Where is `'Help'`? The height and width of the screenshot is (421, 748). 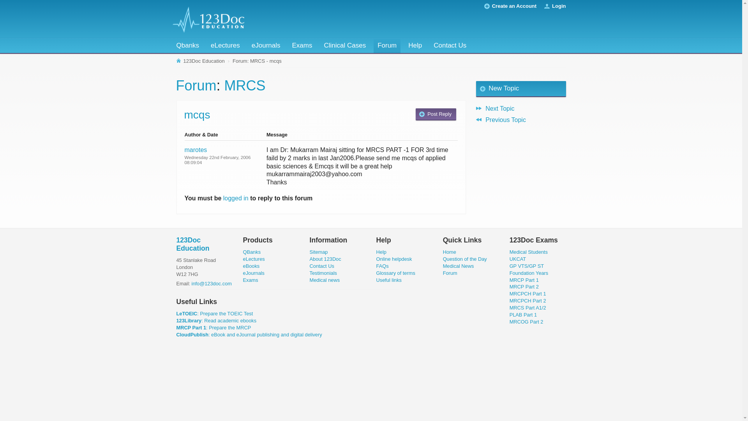 'Help' is located at coordinates (415, 46).